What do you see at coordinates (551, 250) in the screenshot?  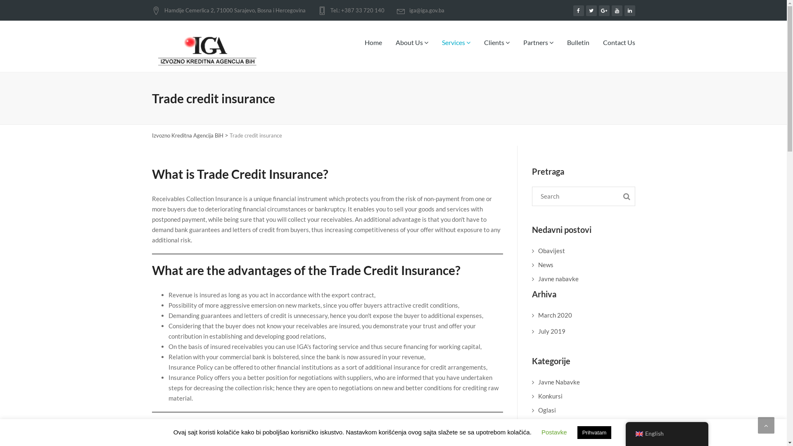 I see `'Obavijest'` at bounding box center [551, 250].